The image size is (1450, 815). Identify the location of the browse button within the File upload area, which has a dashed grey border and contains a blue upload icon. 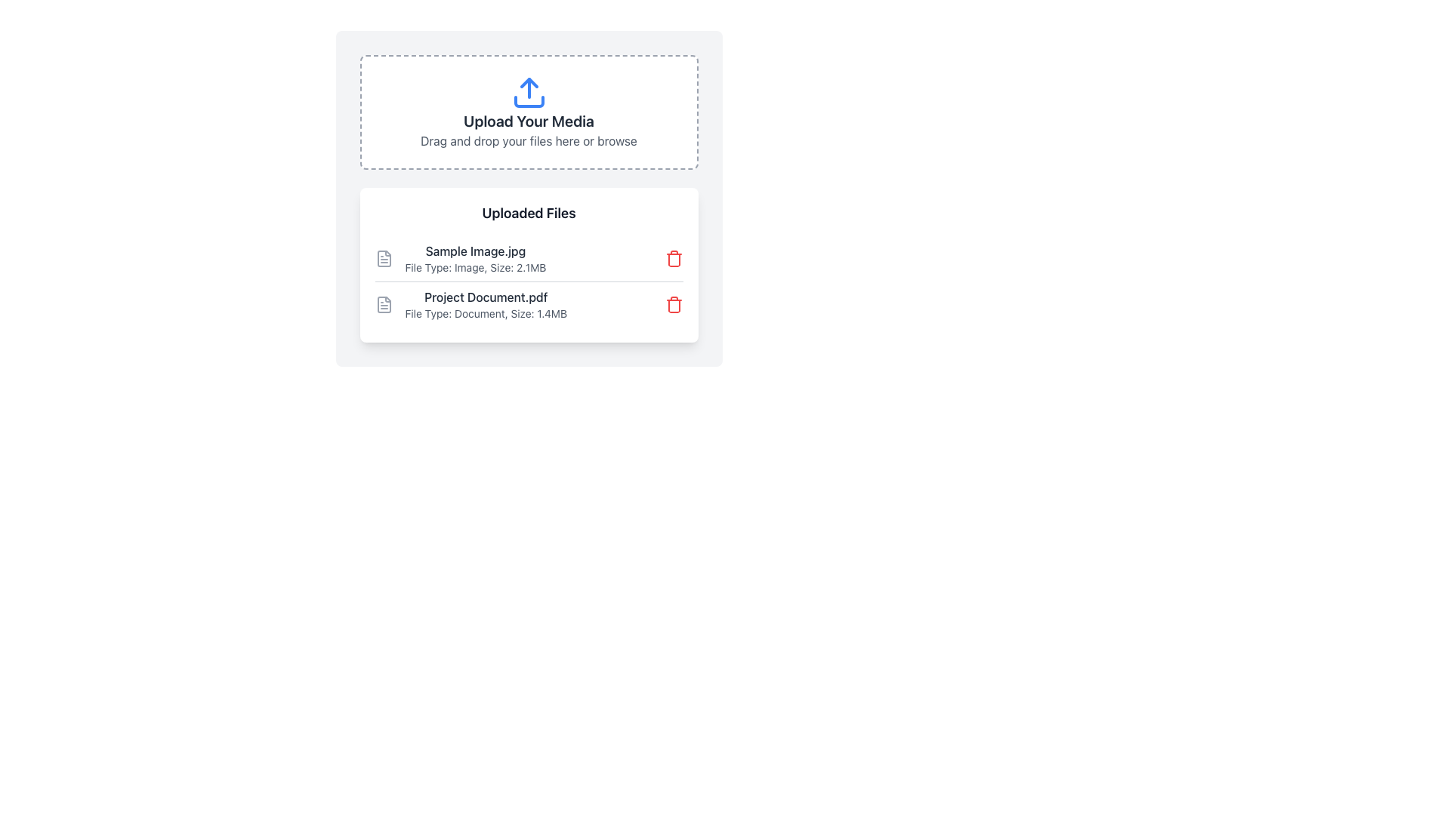
(529, 112).